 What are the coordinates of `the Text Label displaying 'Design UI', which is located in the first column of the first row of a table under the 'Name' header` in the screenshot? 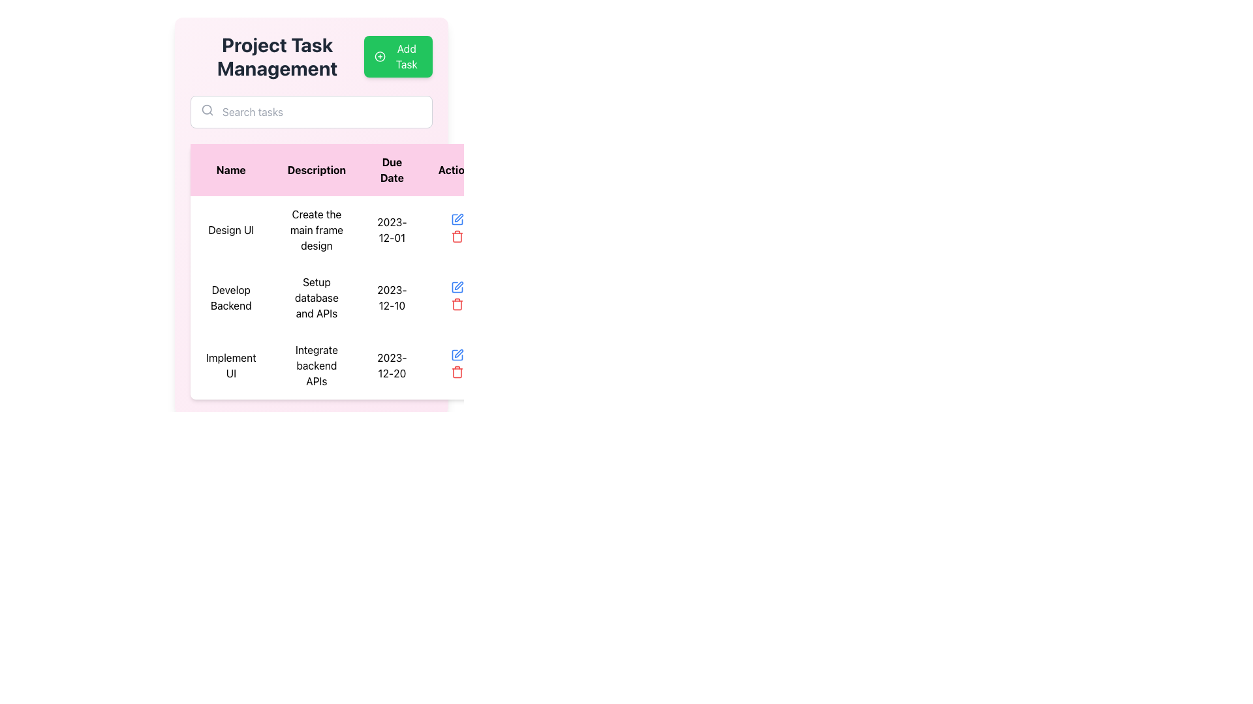 It's located at (231, 229).